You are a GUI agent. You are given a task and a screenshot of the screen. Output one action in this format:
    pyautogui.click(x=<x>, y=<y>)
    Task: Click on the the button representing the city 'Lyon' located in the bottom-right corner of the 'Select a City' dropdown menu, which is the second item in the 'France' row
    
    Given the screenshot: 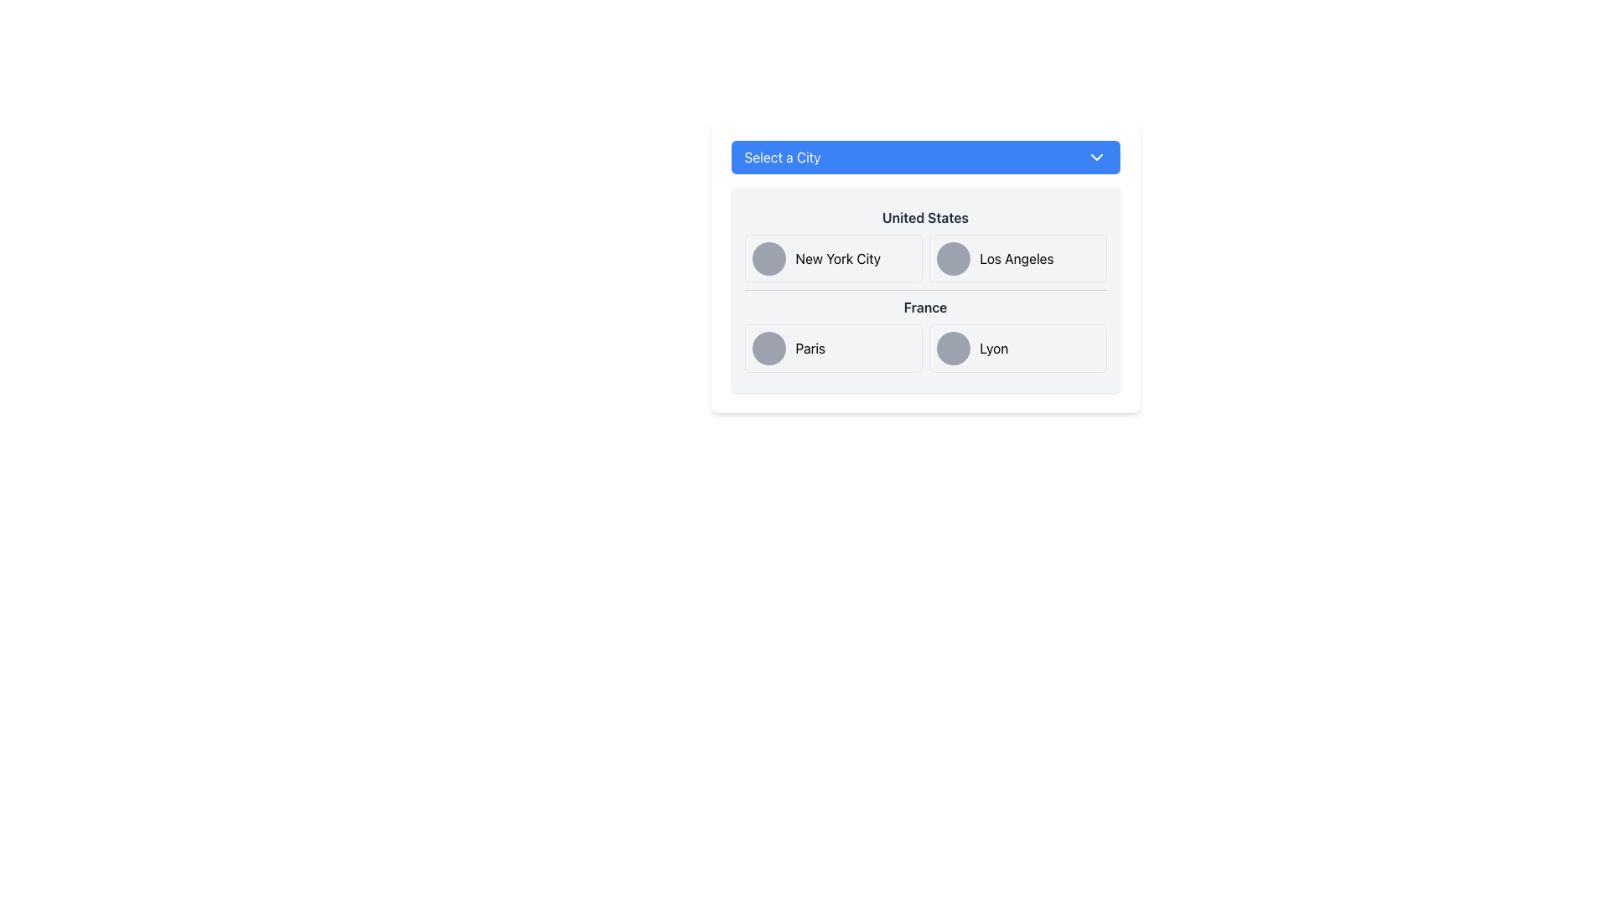 What is the action you would take?
    pyautogui.click(x=1017, y=348)
    